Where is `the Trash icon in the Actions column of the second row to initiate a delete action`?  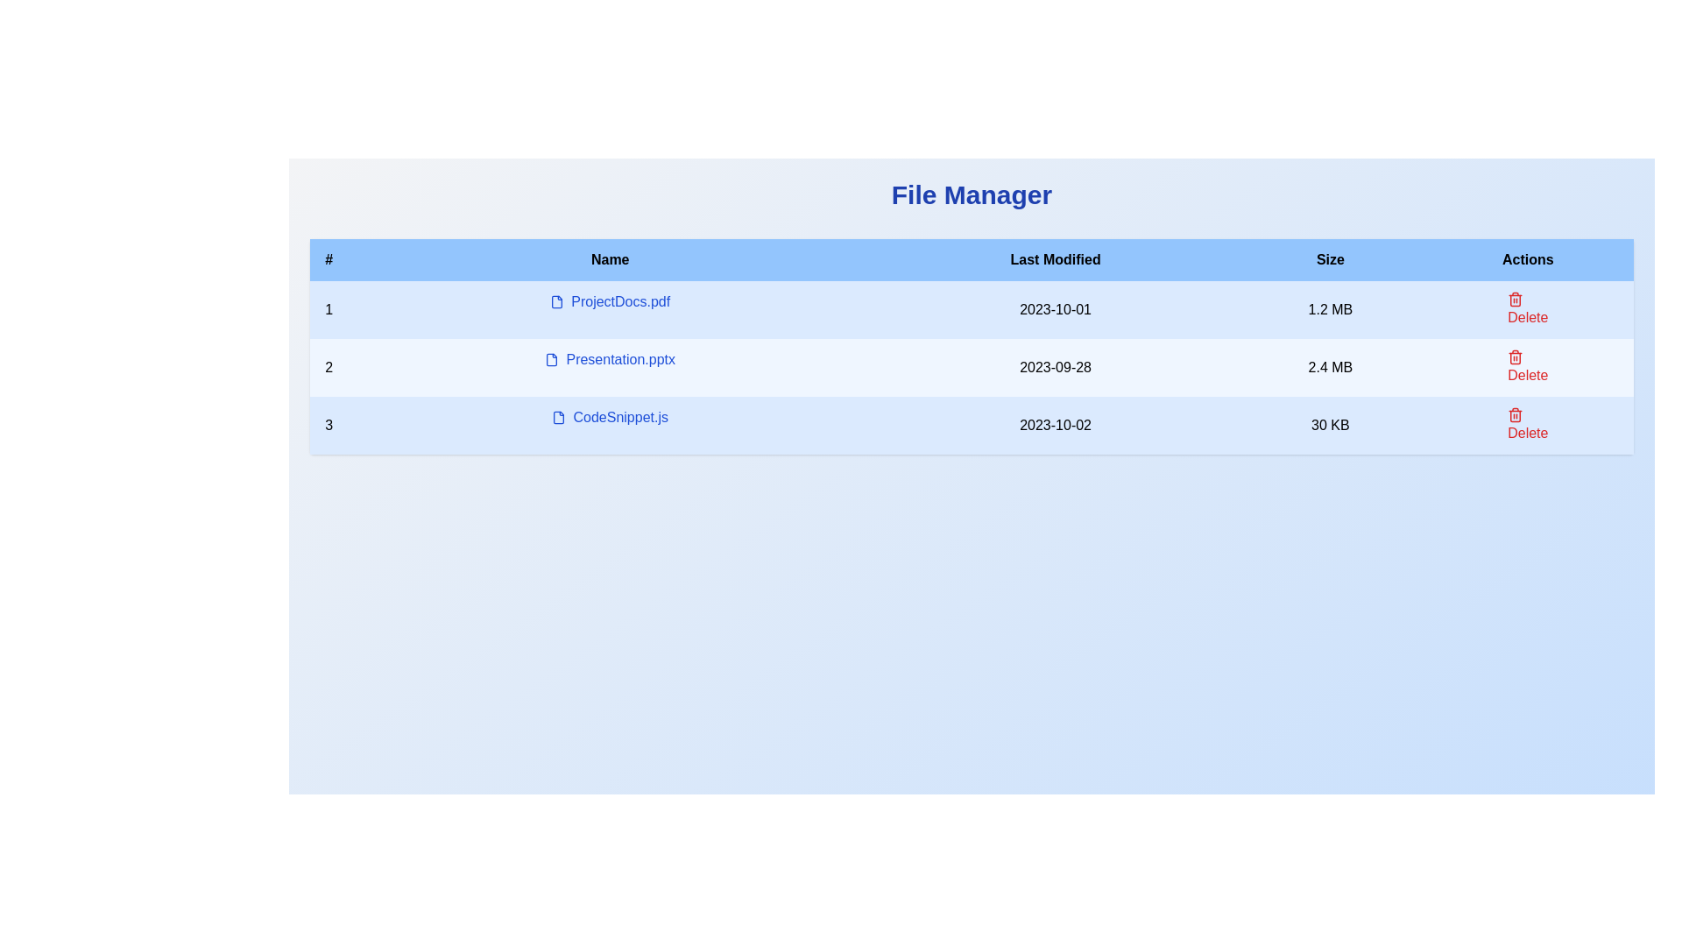 the Trash icon in the Actions column of the second row to initiate a delete action is located at coordinates (1515, 357).